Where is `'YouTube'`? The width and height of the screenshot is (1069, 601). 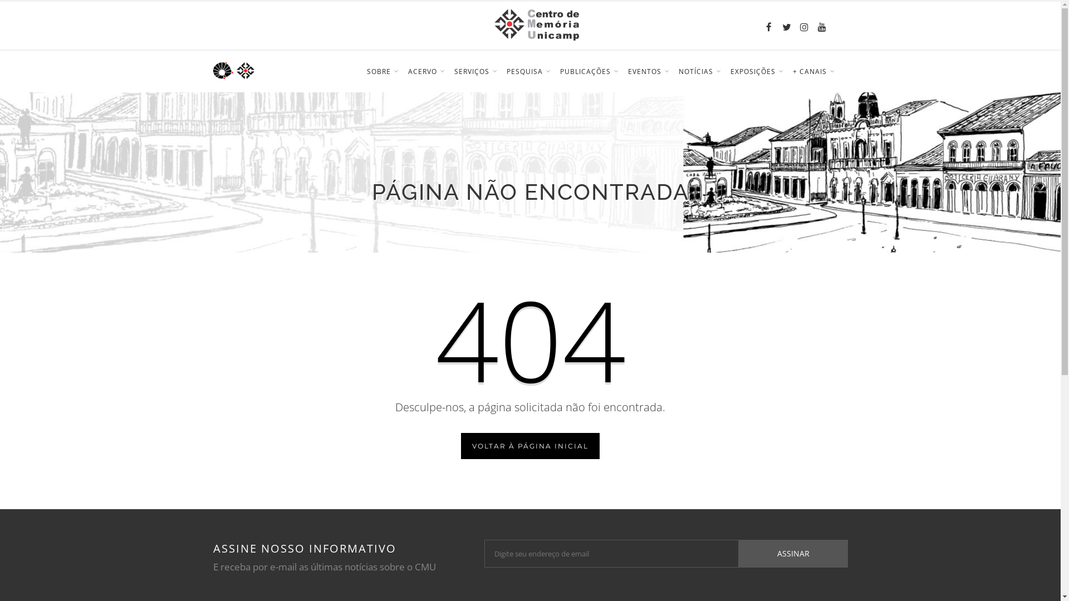 'YouTube' is located at coordinates (822, 25).